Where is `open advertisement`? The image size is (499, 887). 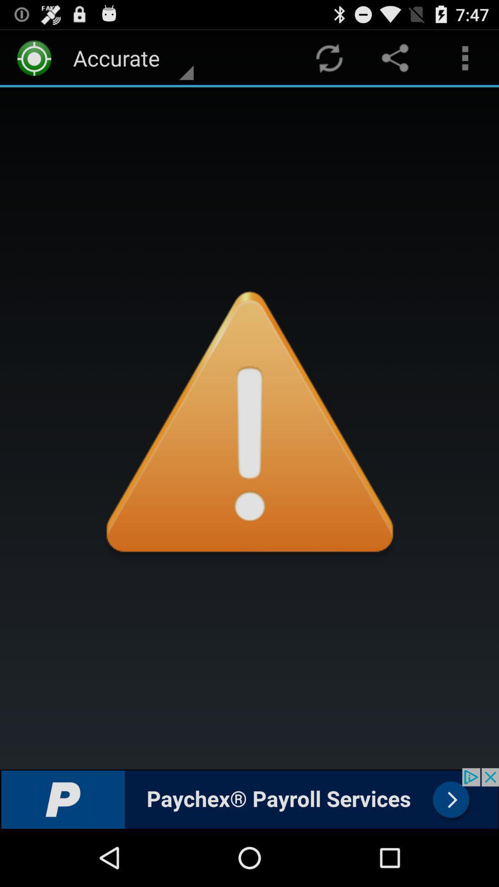
open advertisement is located at coordinates (249, 798).